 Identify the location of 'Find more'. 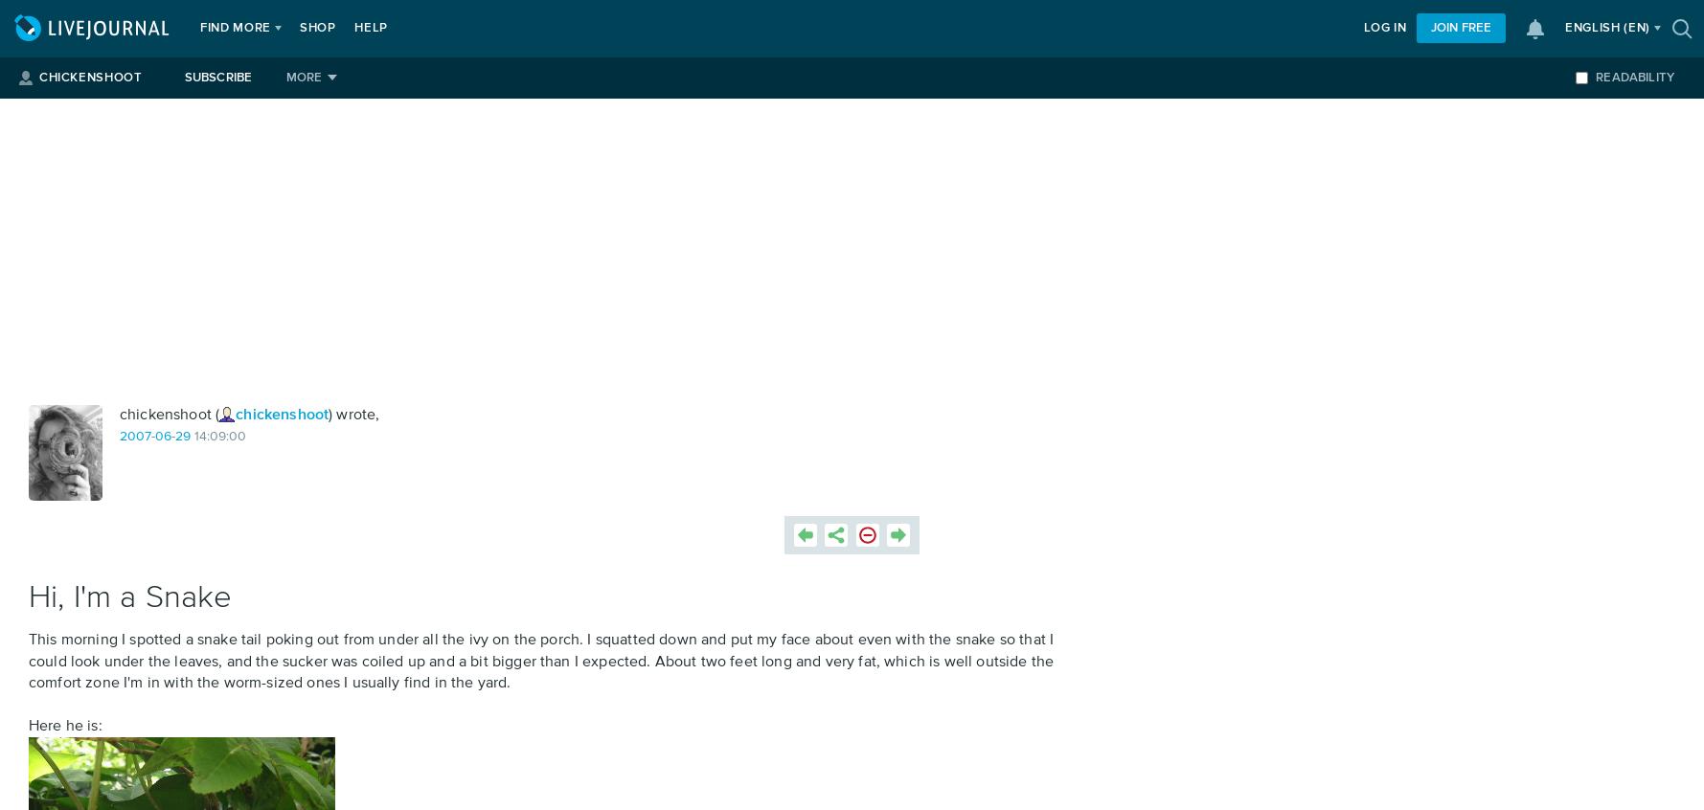
(234, 27).